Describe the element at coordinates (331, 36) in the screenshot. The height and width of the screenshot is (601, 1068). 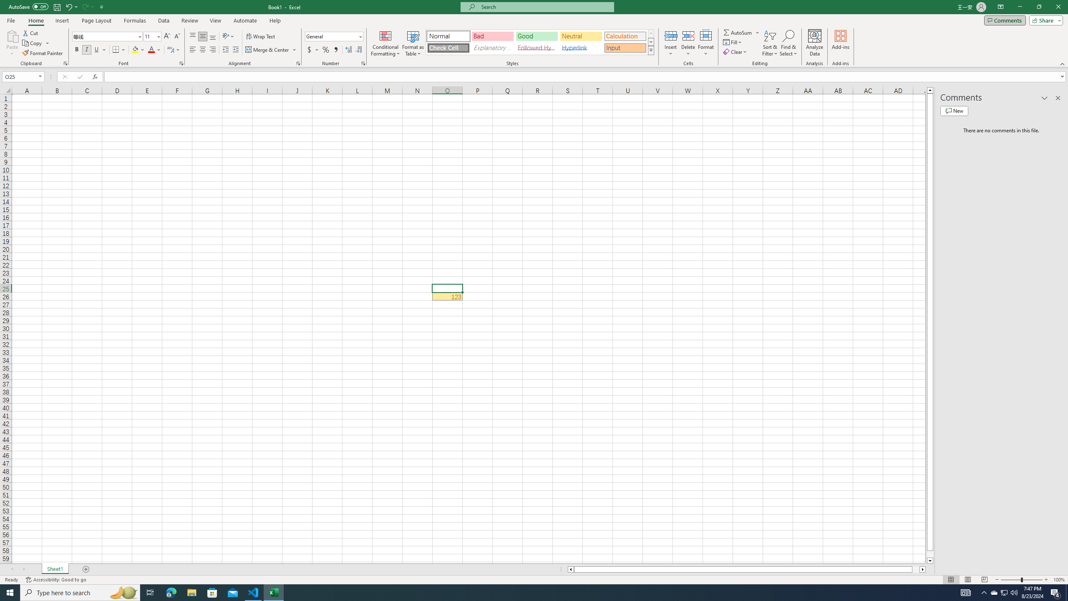
I see `'Number Format'` at that location.